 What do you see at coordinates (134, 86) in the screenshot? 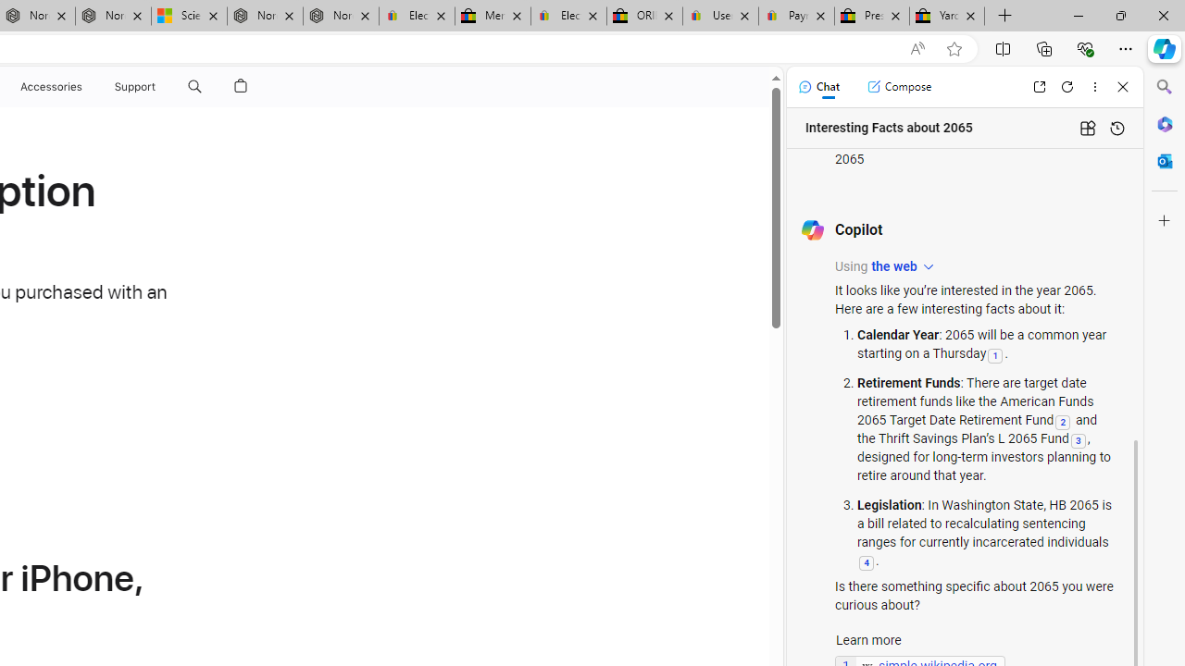
I see `'Support'` at bounding box center [134, 86].